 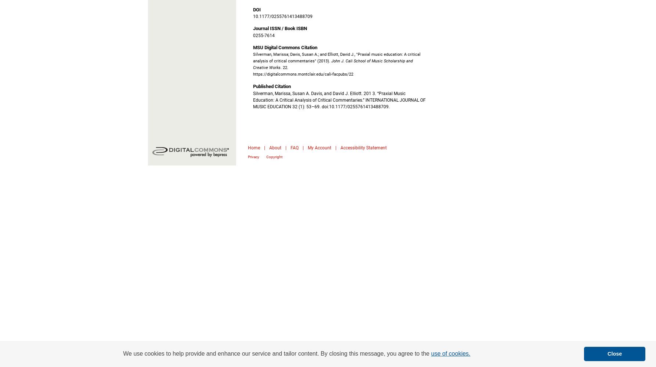 I want to click on 'DOI', so click(x=253, y=9).